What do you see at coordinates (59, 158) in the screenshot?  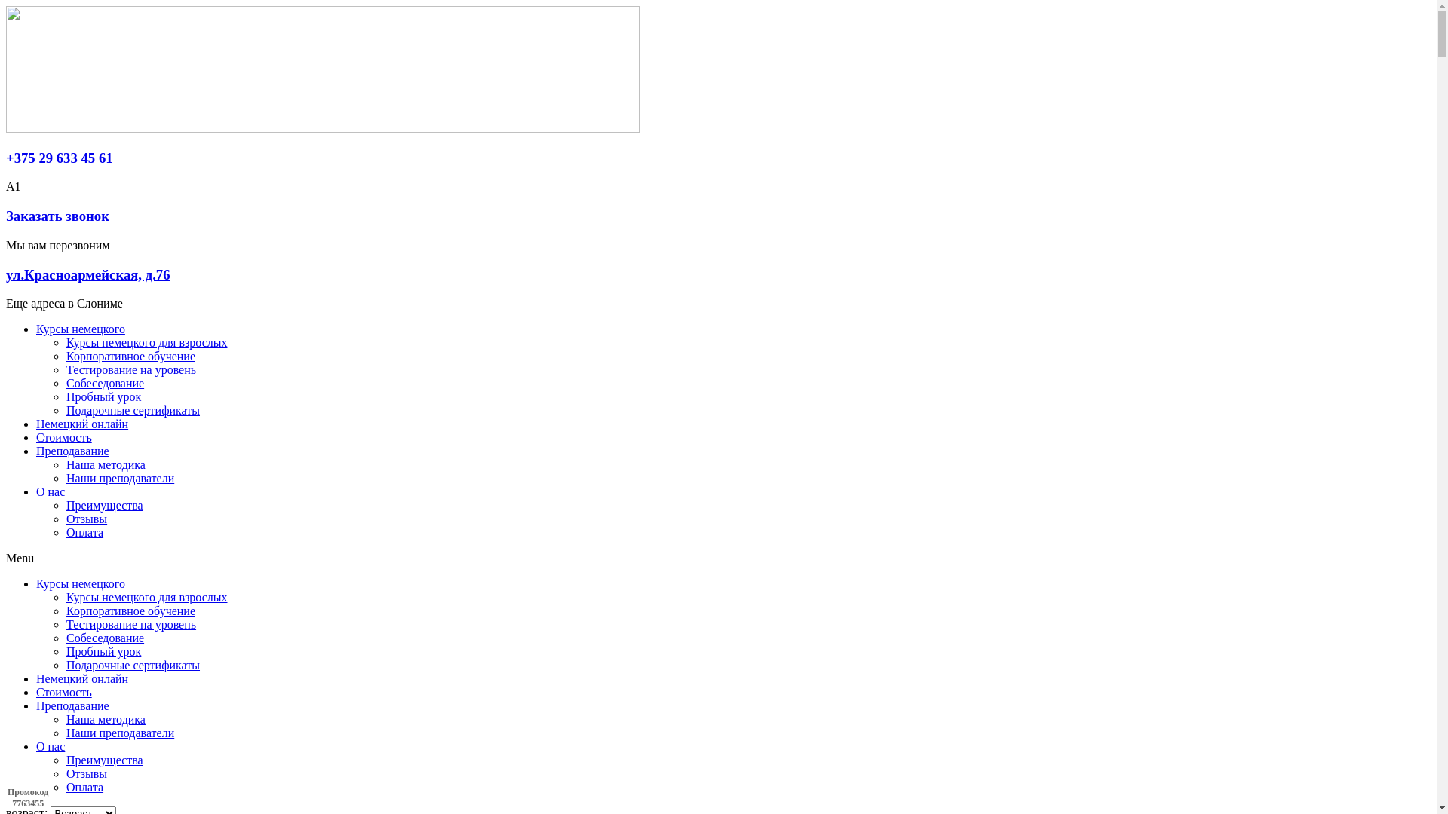 I see `'+375 29 633 45 61'` at bounding box center [59, 158].